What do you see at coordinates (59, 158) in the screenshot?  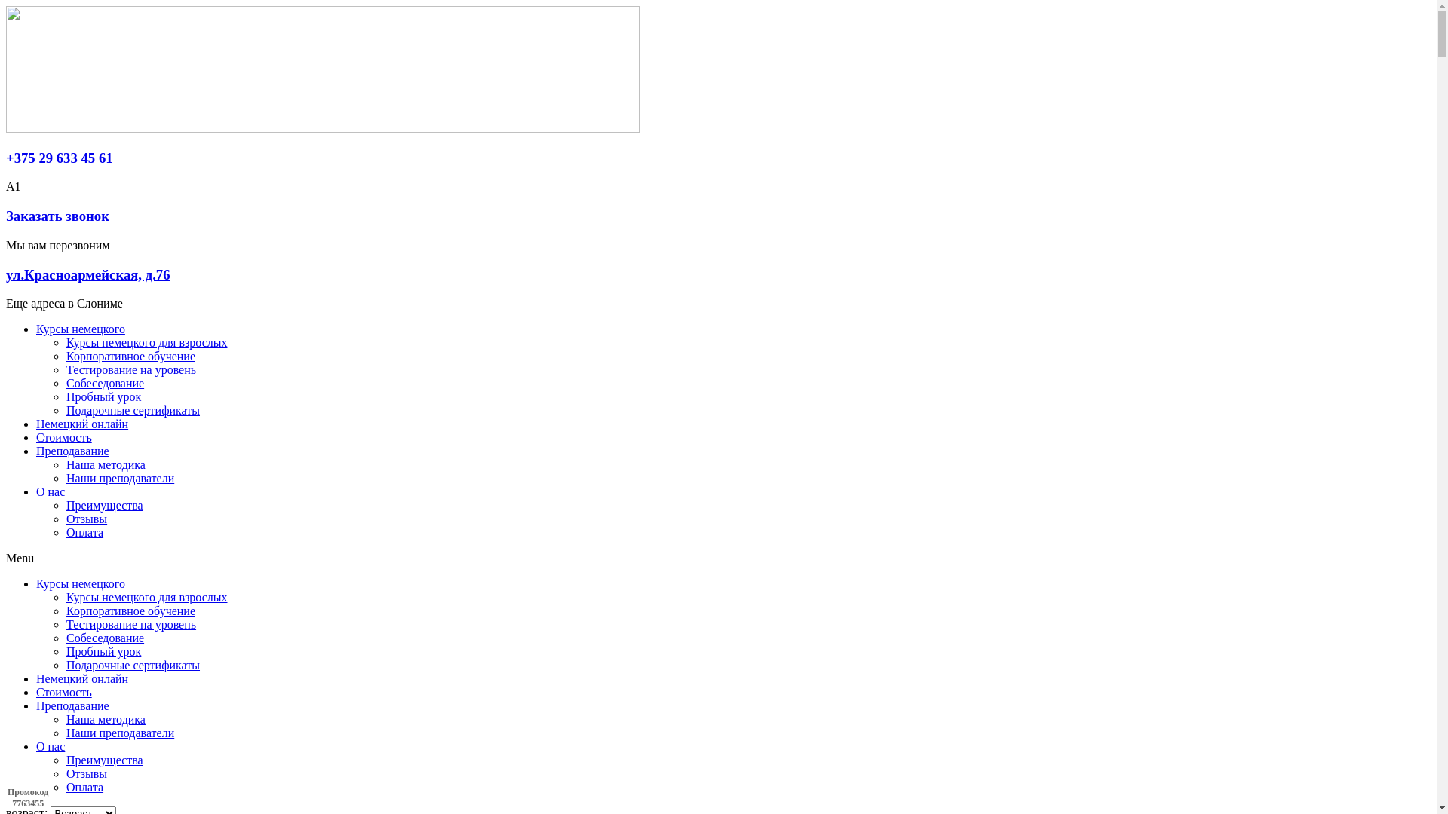 I see `'+375 29 633 45 61'` at bounding box center [59, 158].